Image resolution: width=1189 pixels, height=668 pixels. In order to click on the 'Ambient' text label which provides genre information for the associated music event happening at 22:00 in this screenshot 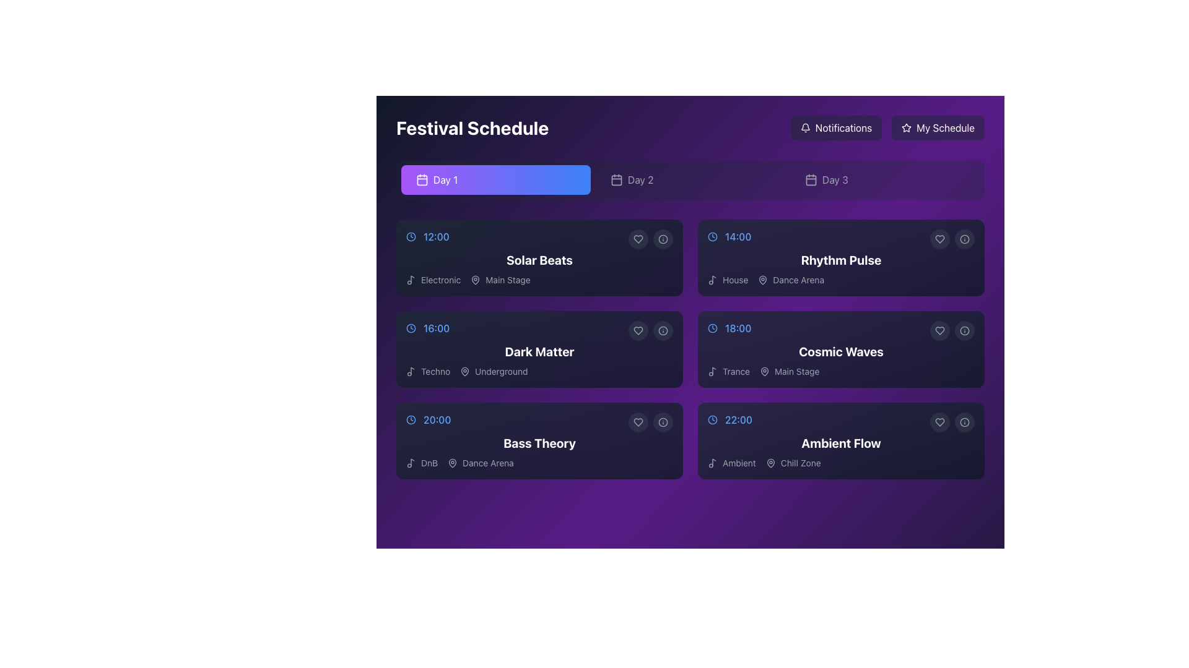, I will do `click(731, 463)`.